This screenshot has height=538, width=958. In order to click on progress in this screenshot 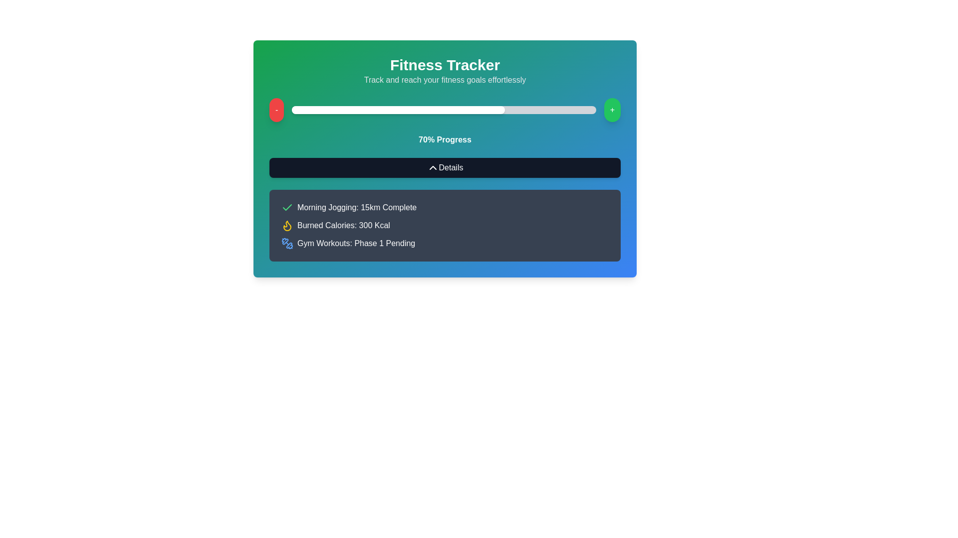, I will do `click(556, 110)`.